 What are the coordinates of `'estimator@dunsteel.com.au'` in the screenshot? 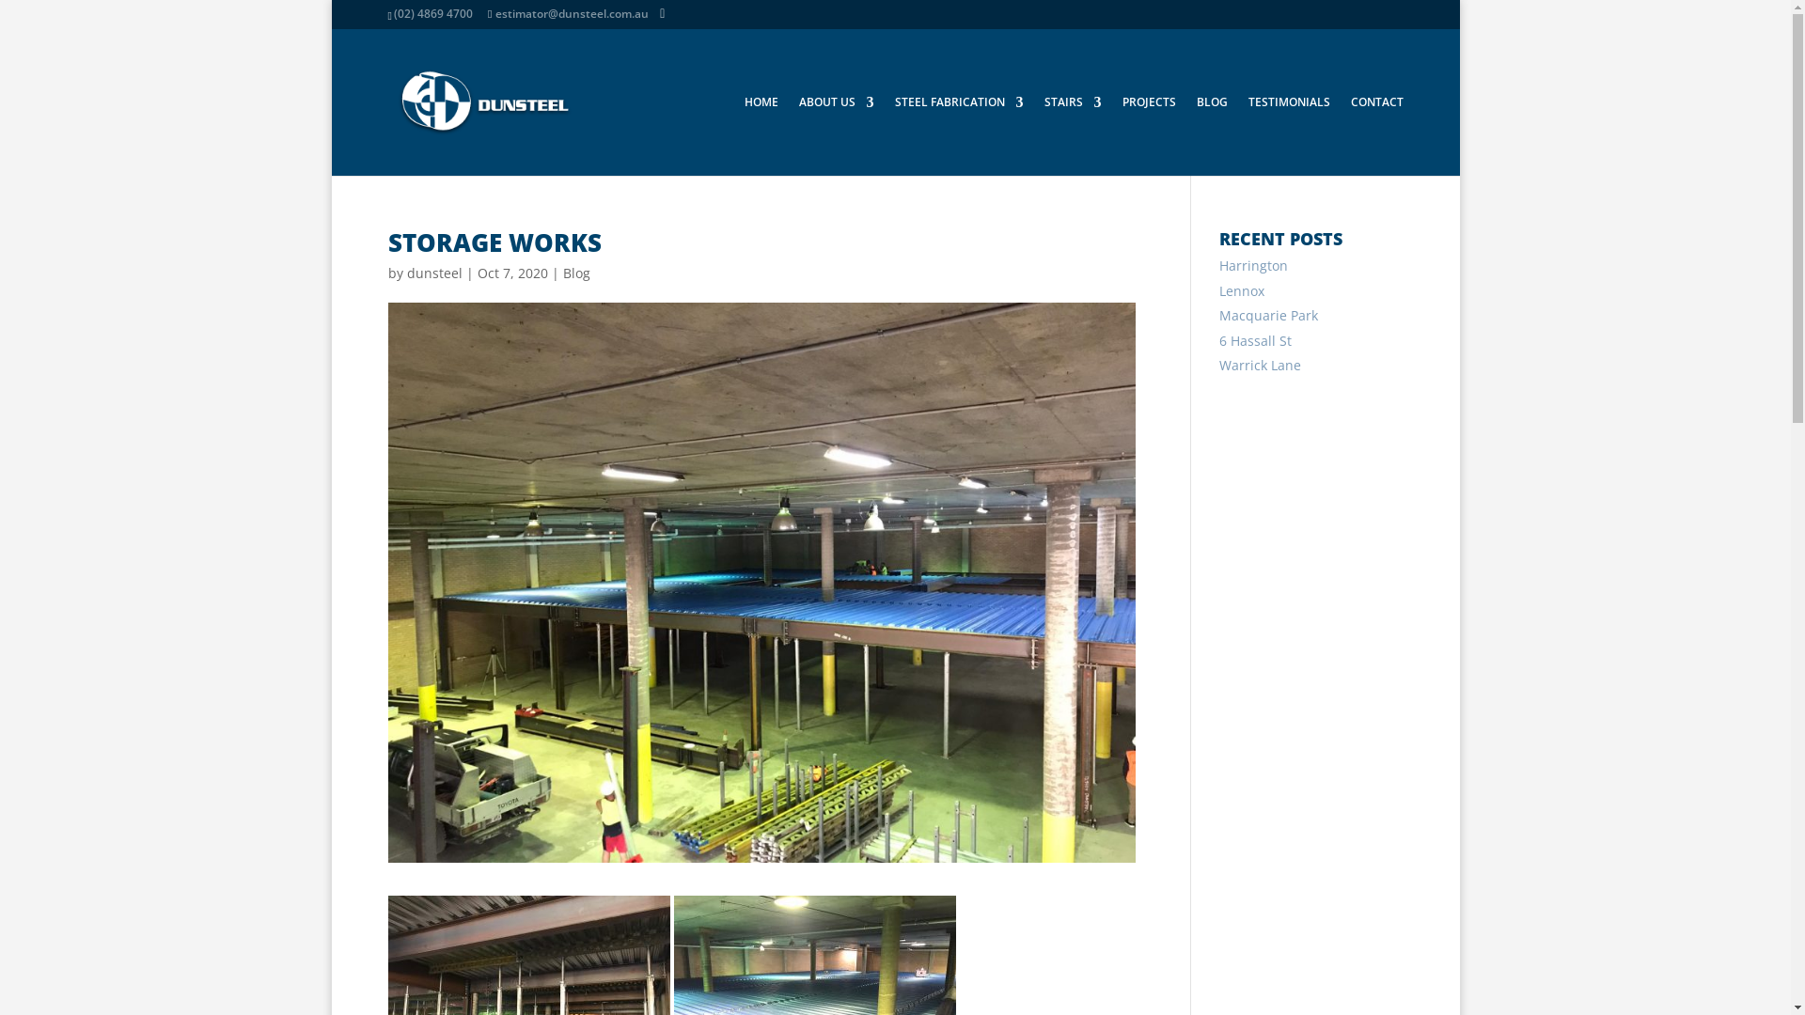 It's located at (487, 13).